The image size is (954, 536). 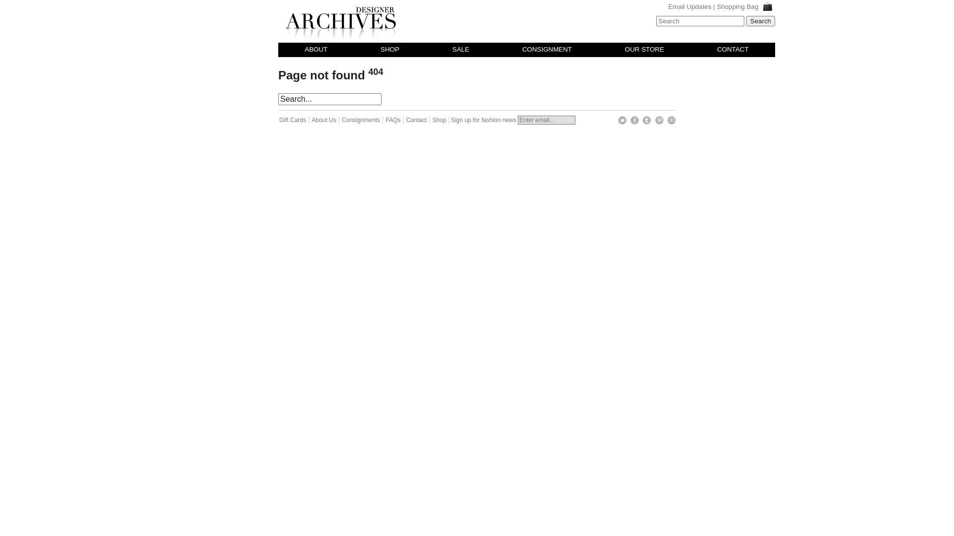 What do you see at coordinates (405, 120) in the screenshot?
I see `'Contact'` at bounding box center [405, 120].